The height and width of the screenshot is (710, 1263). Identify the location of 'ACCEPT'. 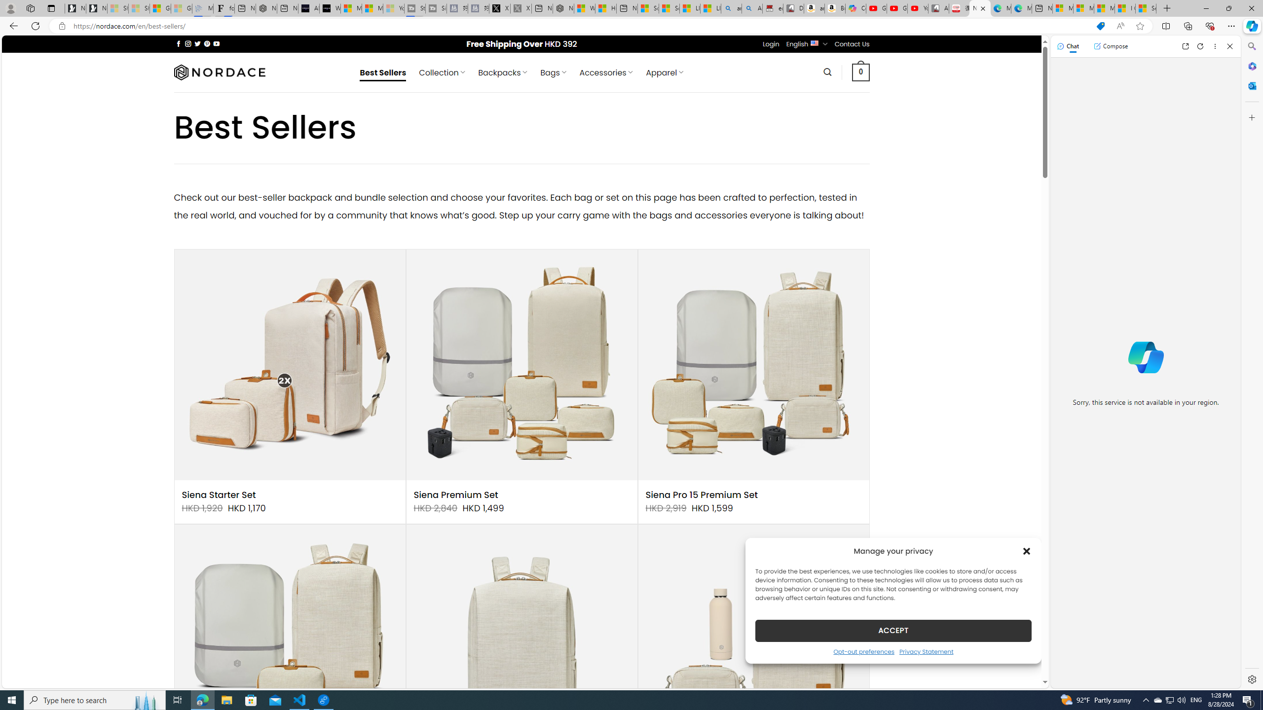
(893, 630).